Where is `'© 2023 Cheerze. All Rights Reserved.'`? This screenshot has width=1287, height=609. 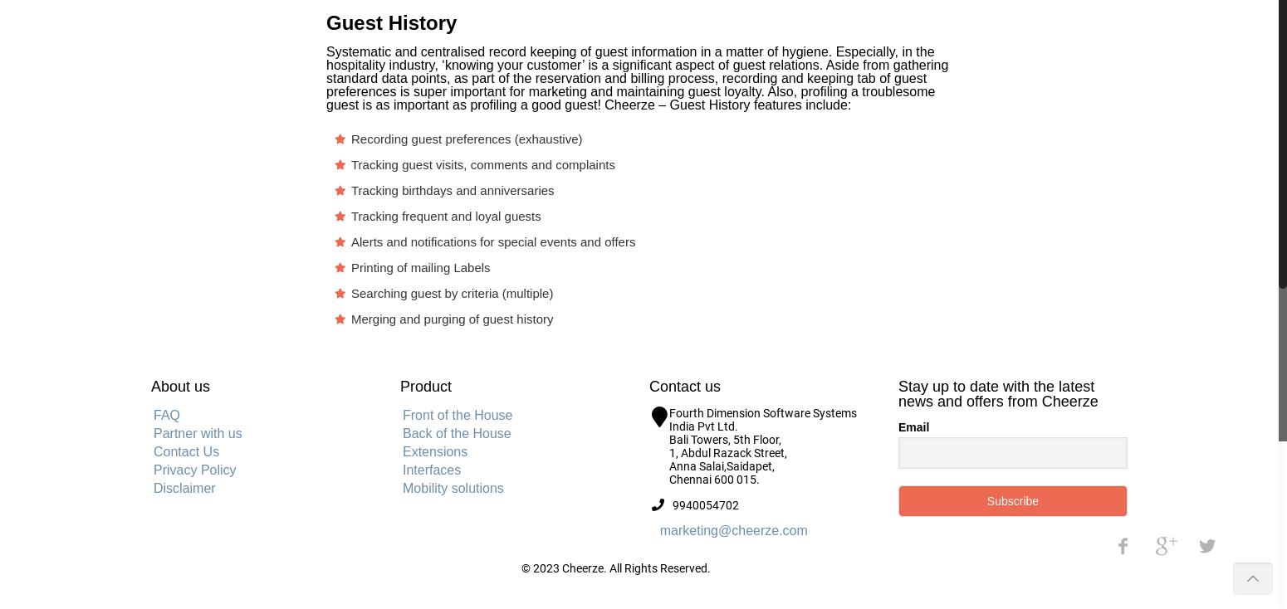 '© 2023 Cheerze. All Rights Reserved.' is located at coordinates (521, 568).